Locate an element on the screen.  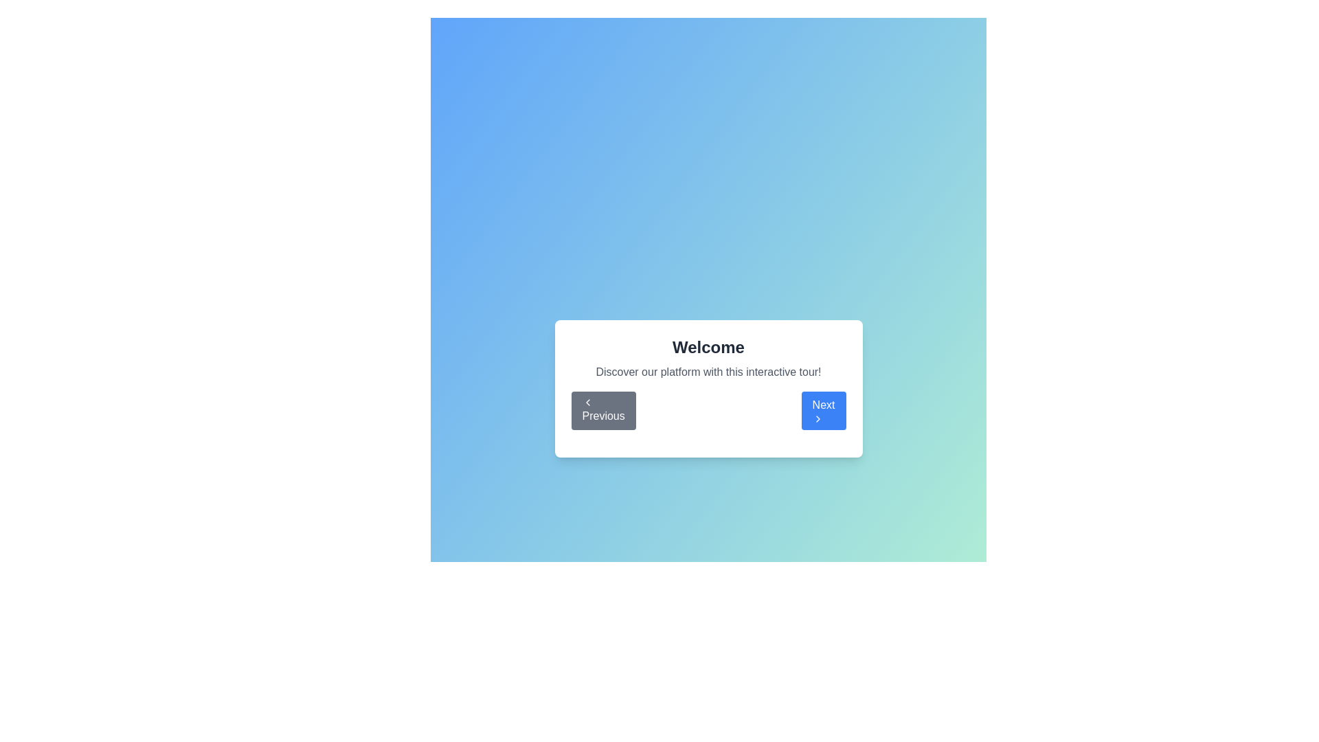
the bold 'Welcome' text label, which is prominently displayed at the top of the small pop-up interface is located at coordinates (708, 346).